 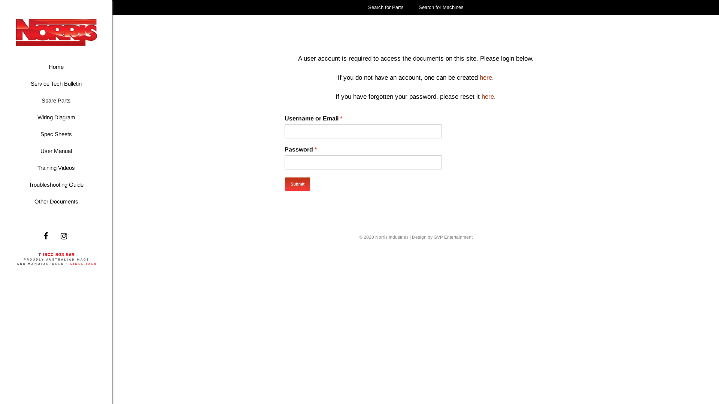 I want to click on 'Spec Sheets', so click(x=55, y=134).